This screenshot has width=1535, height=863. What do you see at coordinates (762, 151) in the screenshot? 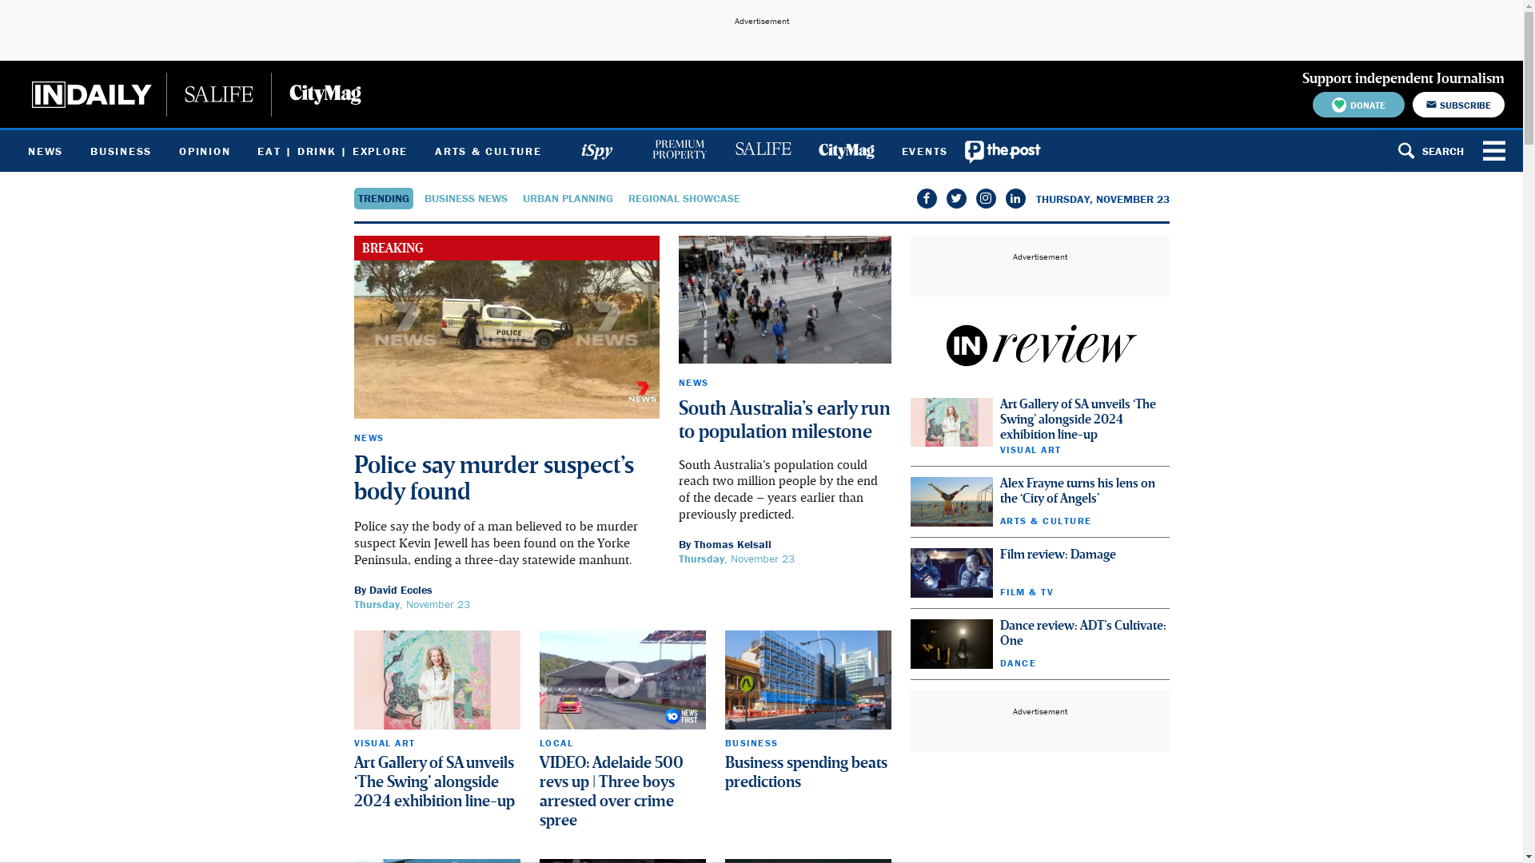
I see `'SALIFE'` at bounding box center [762, 151].